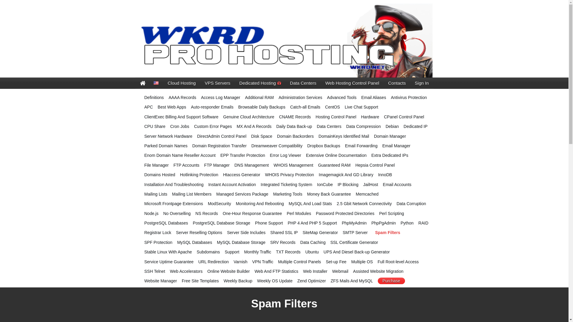 The image size is (573, 322). Describe the element at coordinates (397, 184) in the screenshot. I see `'Email Accounts'` at that location.